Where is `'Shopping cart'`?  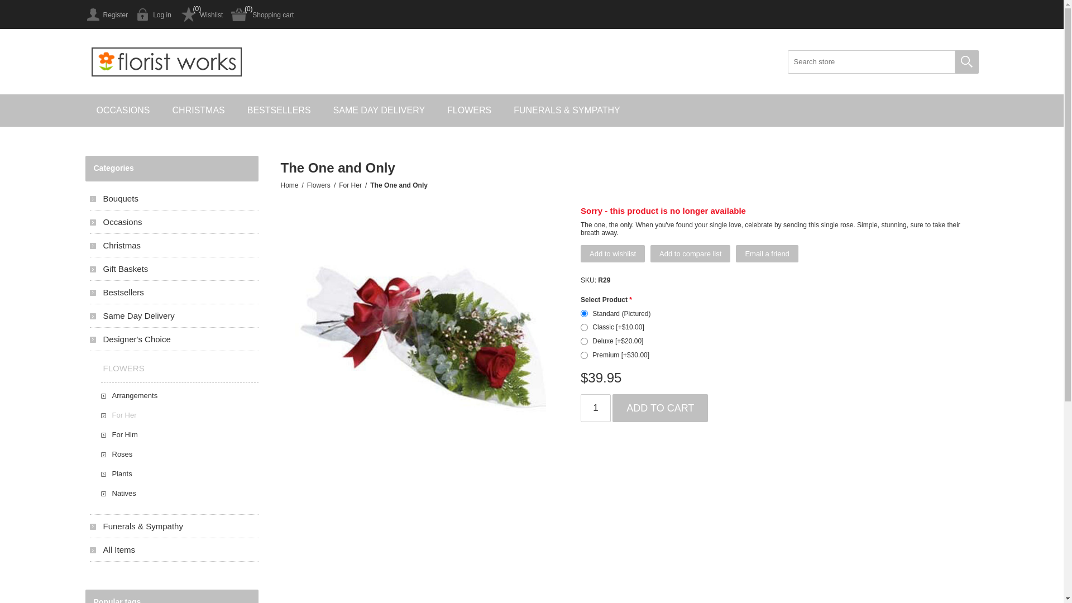
'Shopping cart' is located at coordinates (230, 15).